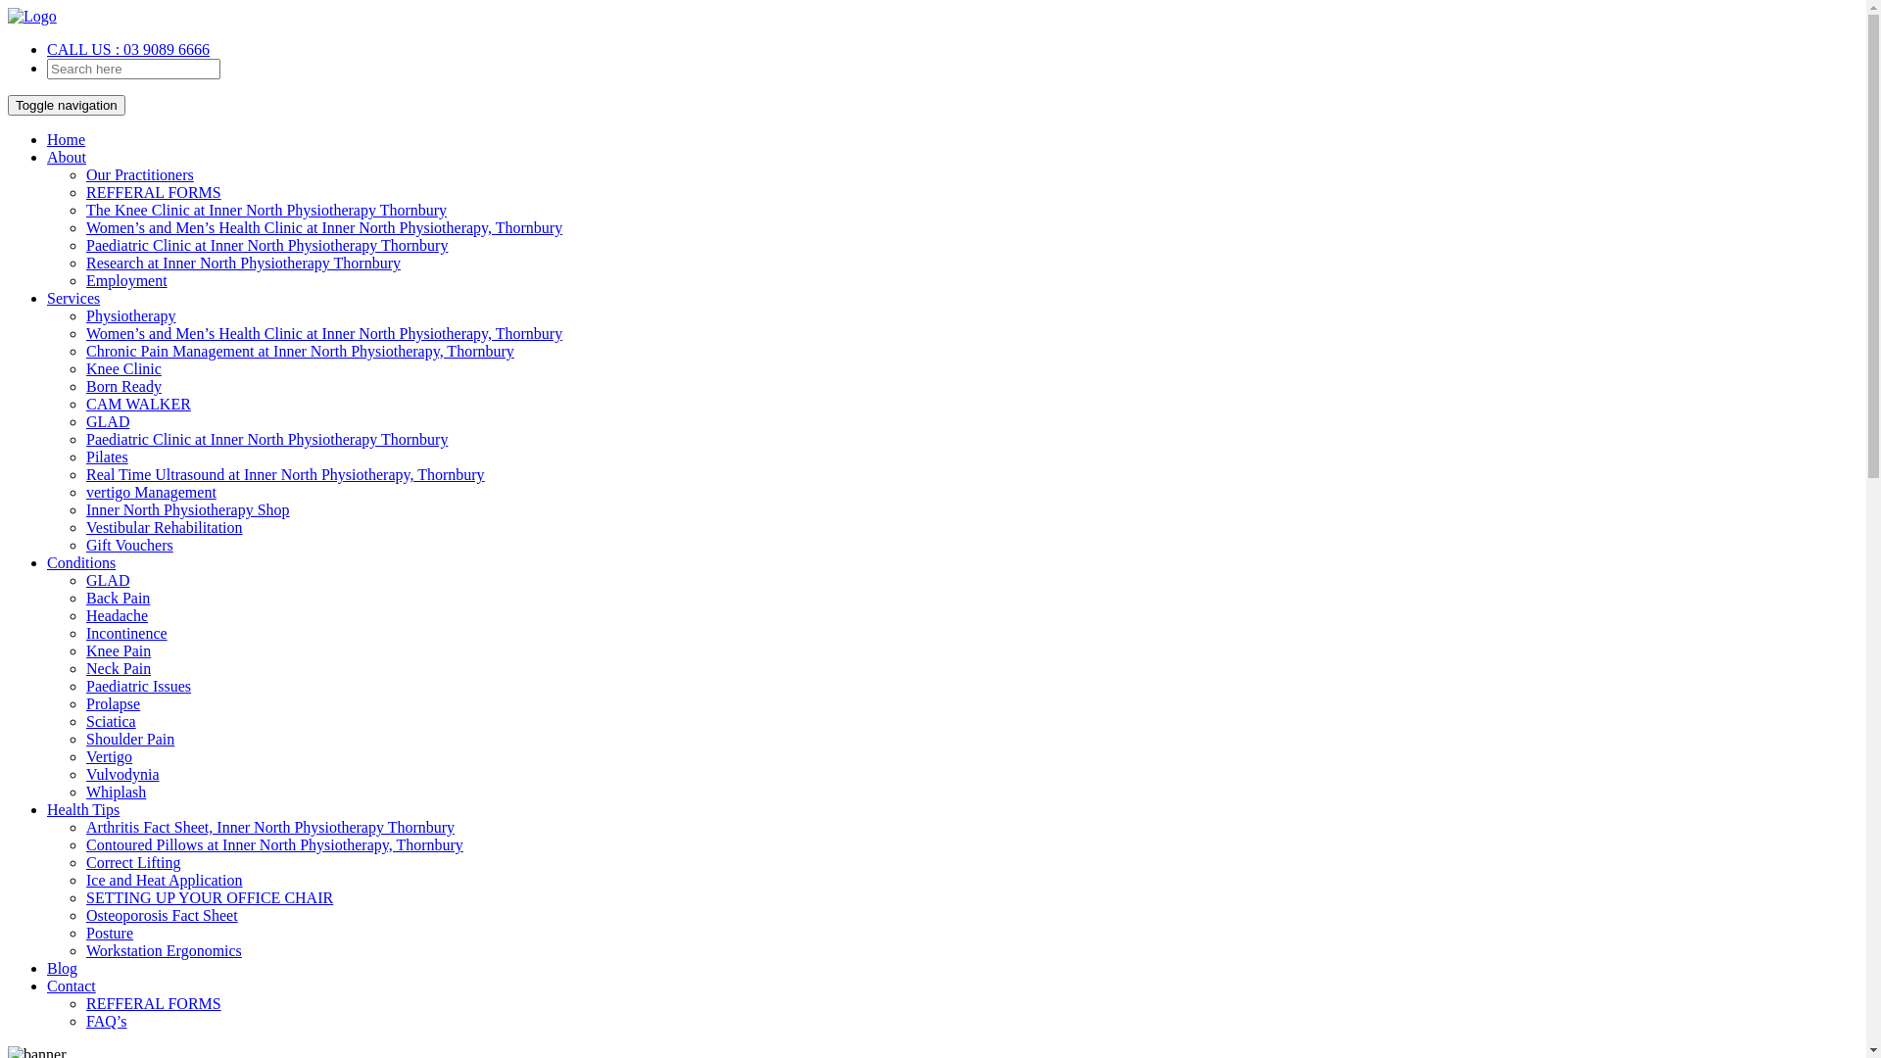  What do you see at coordinates (273, 843) in the screenshot?
I see `'Contoured Pillows at Inner North Physiotherapy, Thornbury'` at bounding box center [273, 843].